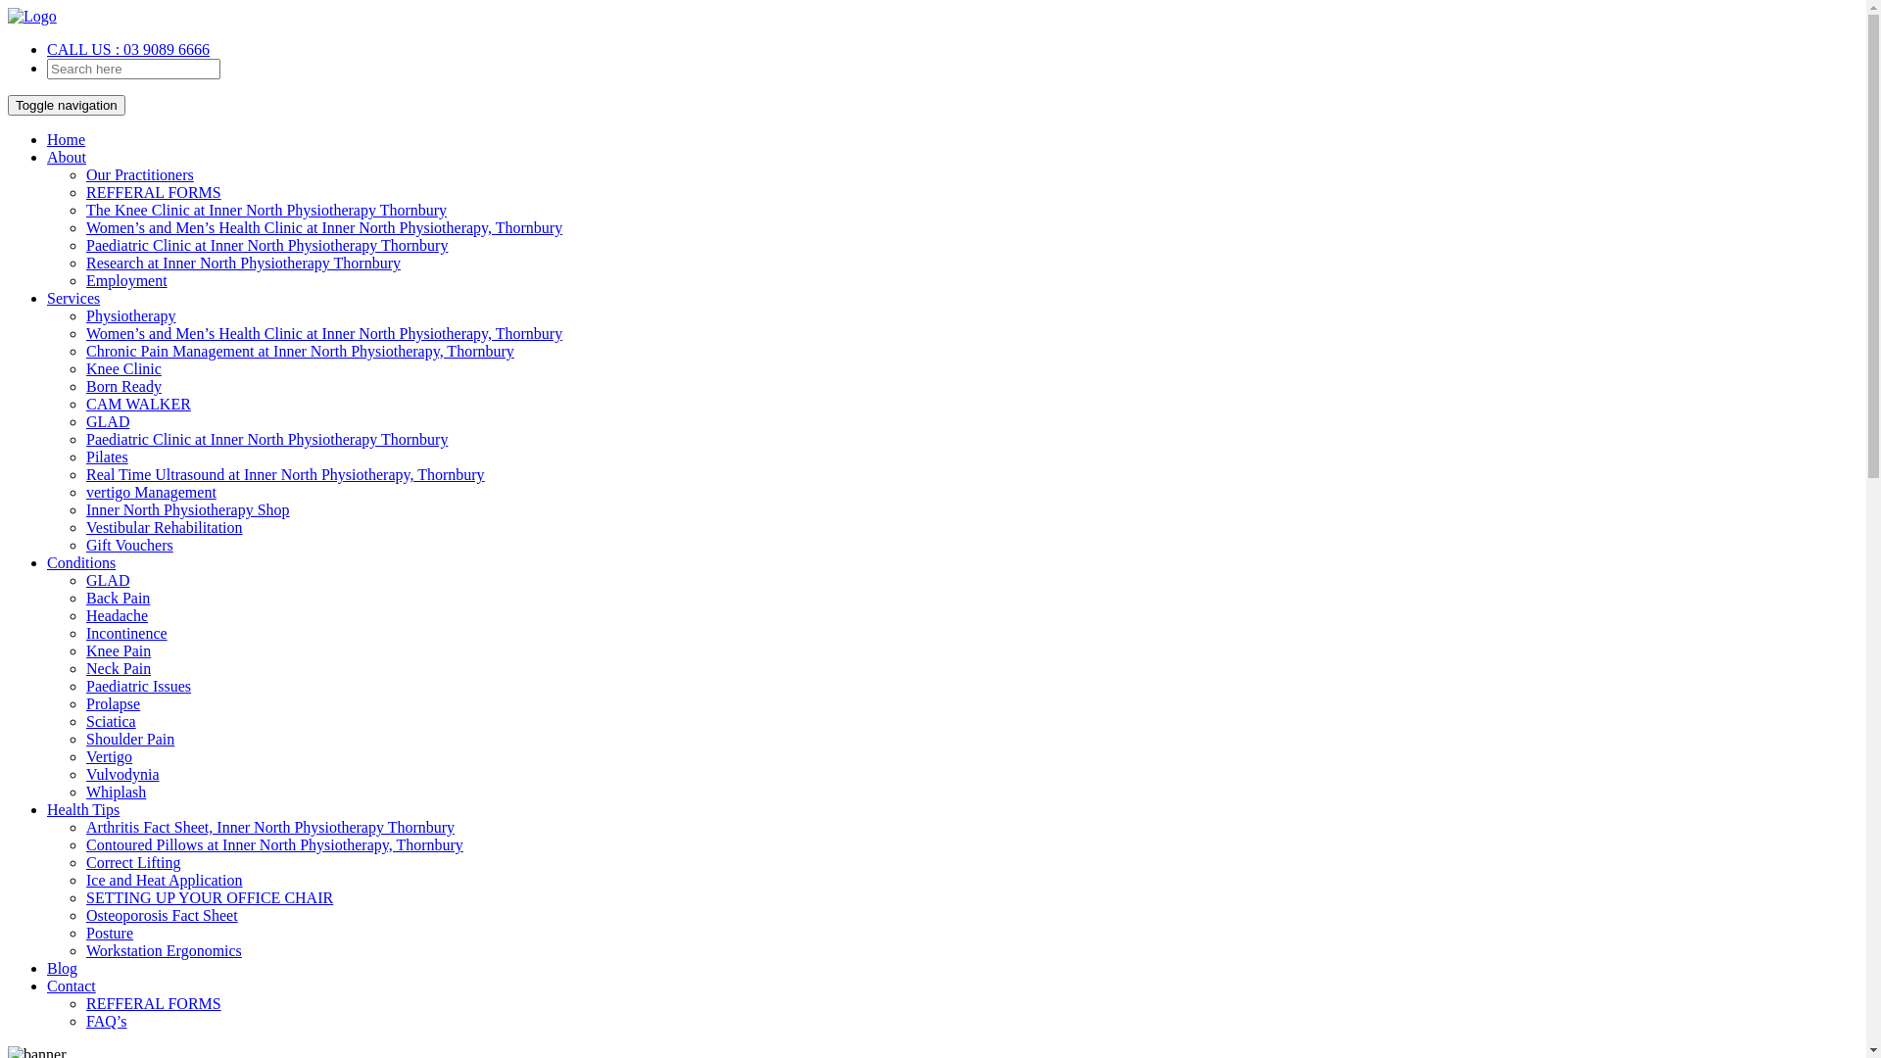  What do you see at coordinates (273, 843) in the screenshot?
I see `'Contoured Pillows at Inner North Physiotherapy, Thornbury'` at bounding box center [273, 843].